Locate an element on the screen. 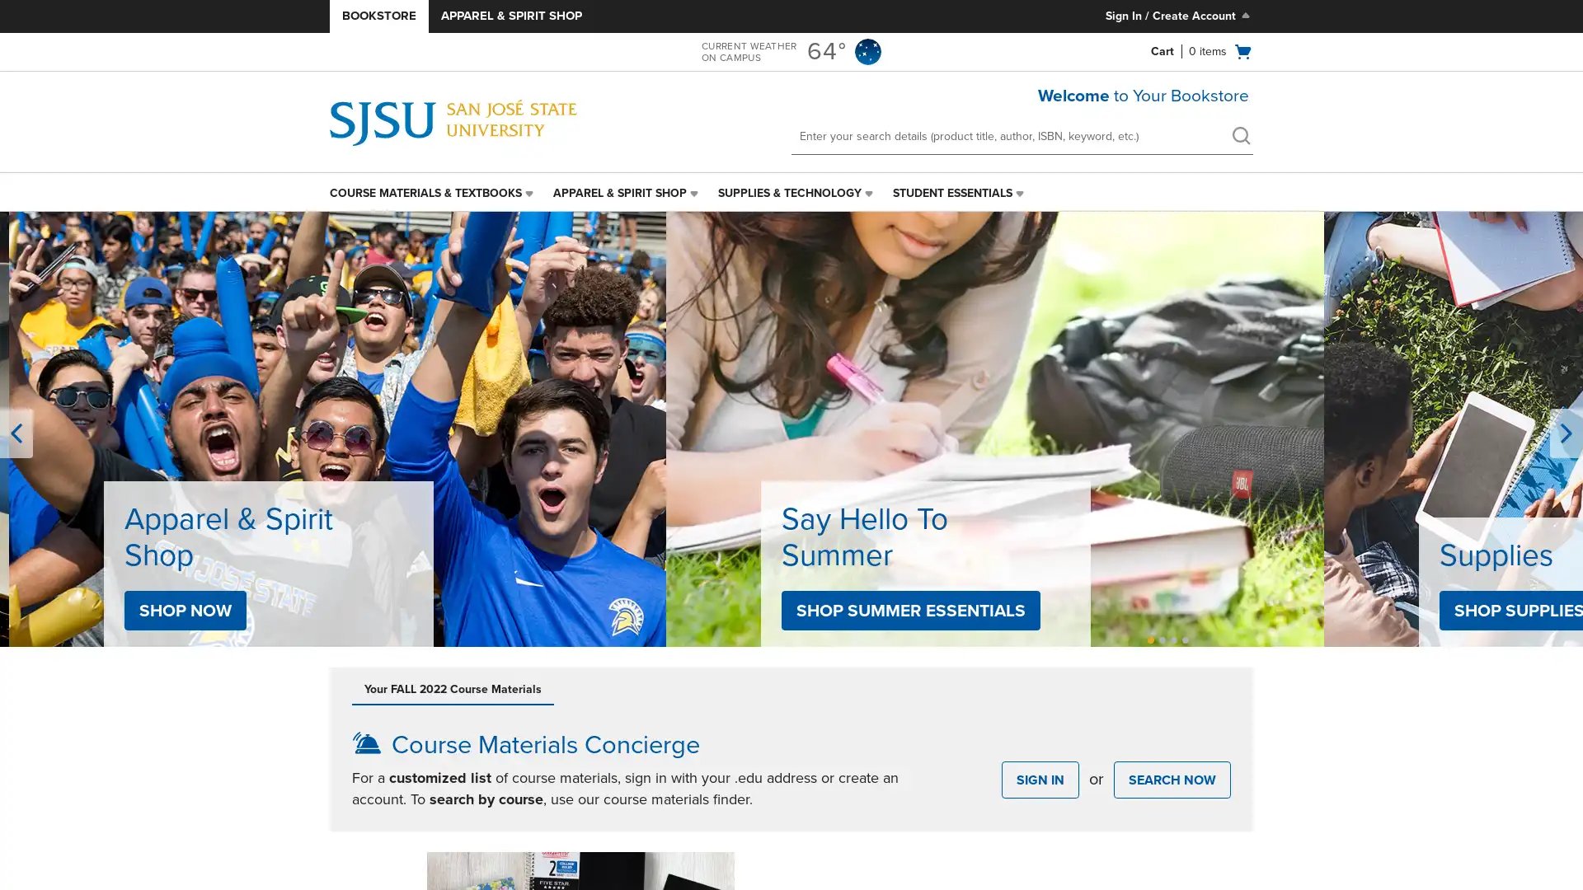 Image resolution: width=1583 pixels, height=890 pixels. SEARCH NOW is located at coordinates (1171, 779).